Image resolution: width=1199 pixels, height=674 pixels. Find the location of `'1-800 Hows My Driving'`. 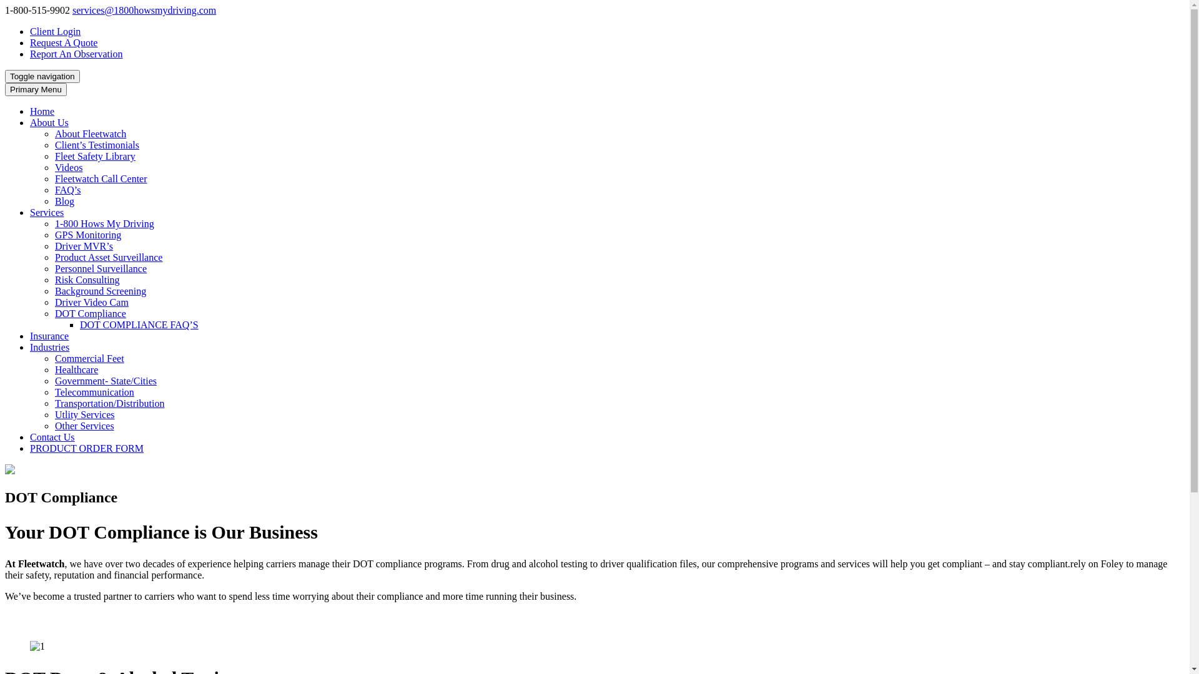

'1-800 Hows My Driving' is located at coordinates (104, 223).